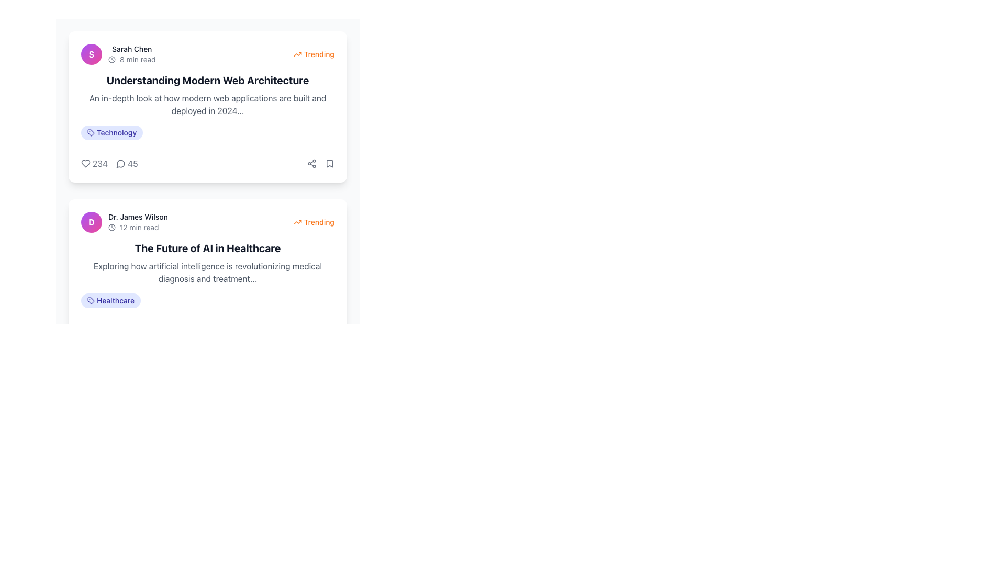 The width and height of the screenshot is (1005, 565). I want to click on the central page number on the horizontally-aligned pagination control bar located at the footer of the interface, so click(208, 553).